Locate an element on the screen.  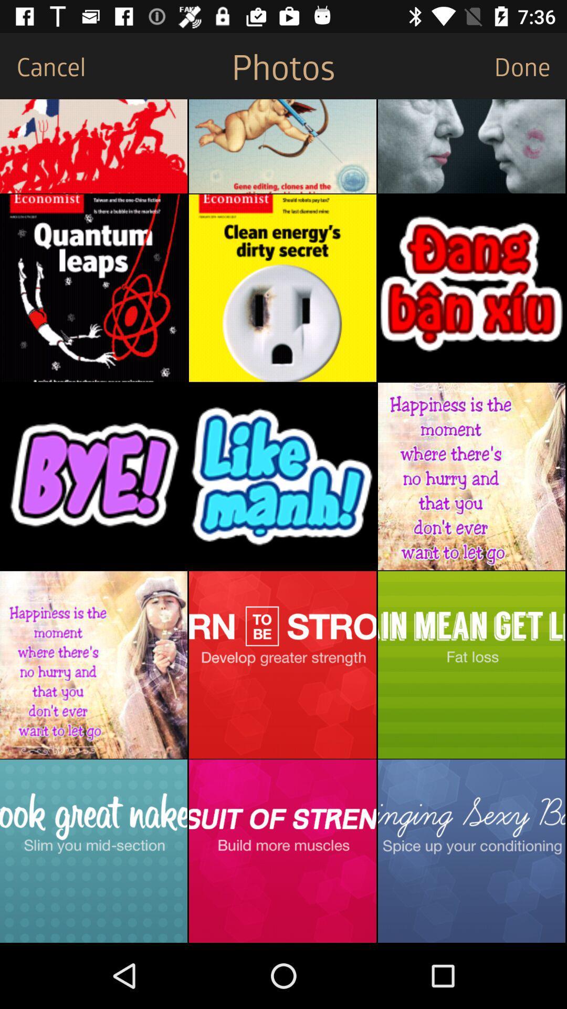
image is located at coordinates (93, 476).